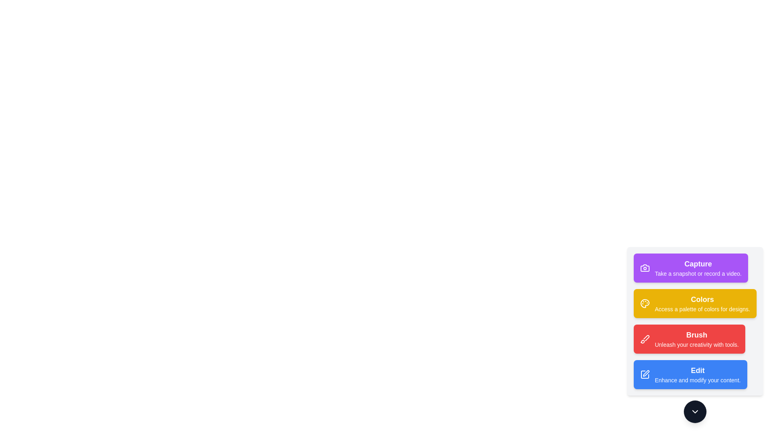 The height and width of the screenshot is (436, 776). Describe the element at coordinates (690, 268) in the screenshot. I see `the 'Capture' tool to read its description` at that location.